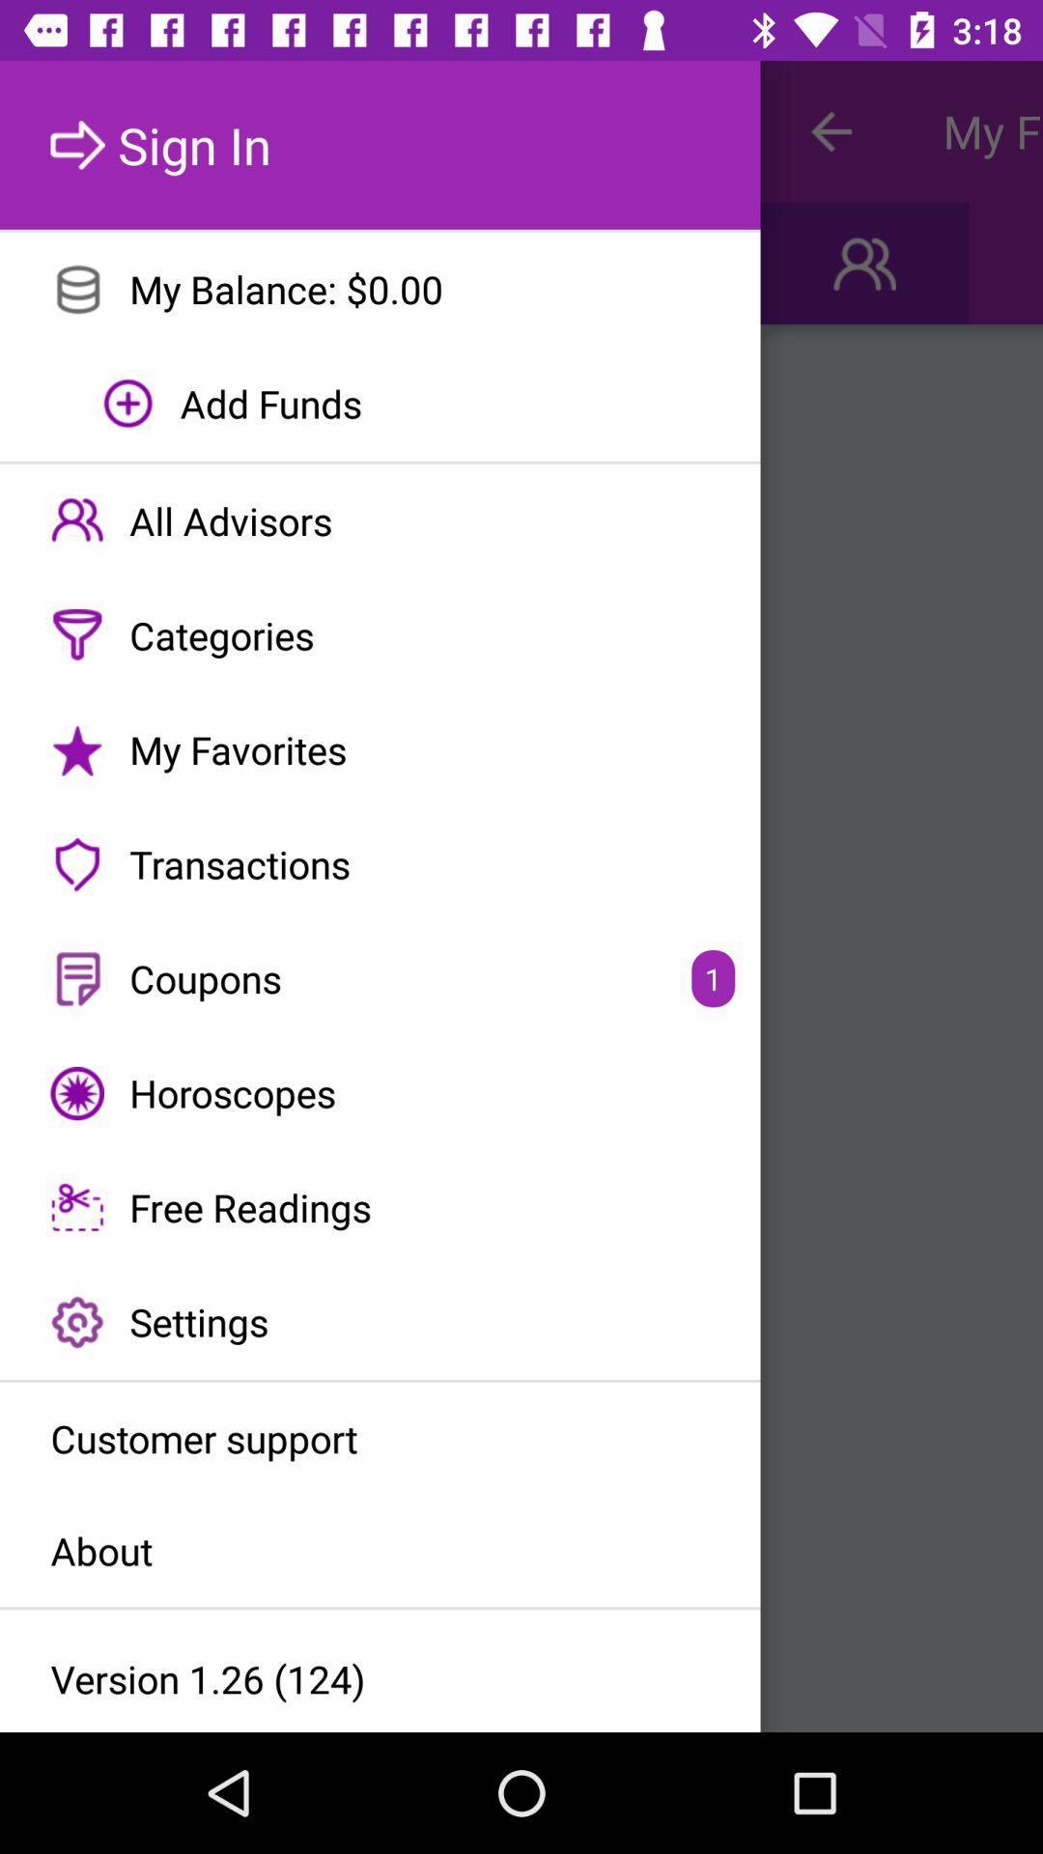  Describe the element at coordinates (380, 863) in the screenshot. I see `the transactions icon` at that location.